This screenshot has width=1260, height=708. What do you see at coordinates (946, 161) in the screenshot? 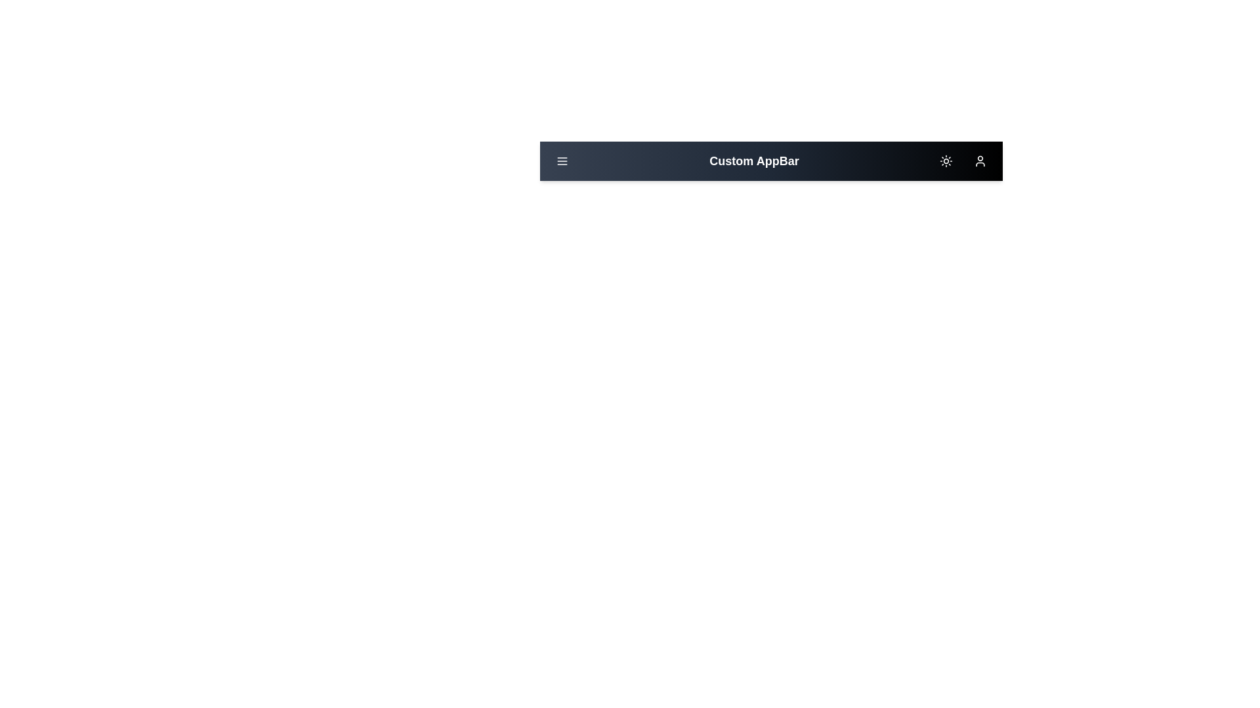
I see `the sun/moon button to toggle between light and dark modes` at bounding box center [946, 161].